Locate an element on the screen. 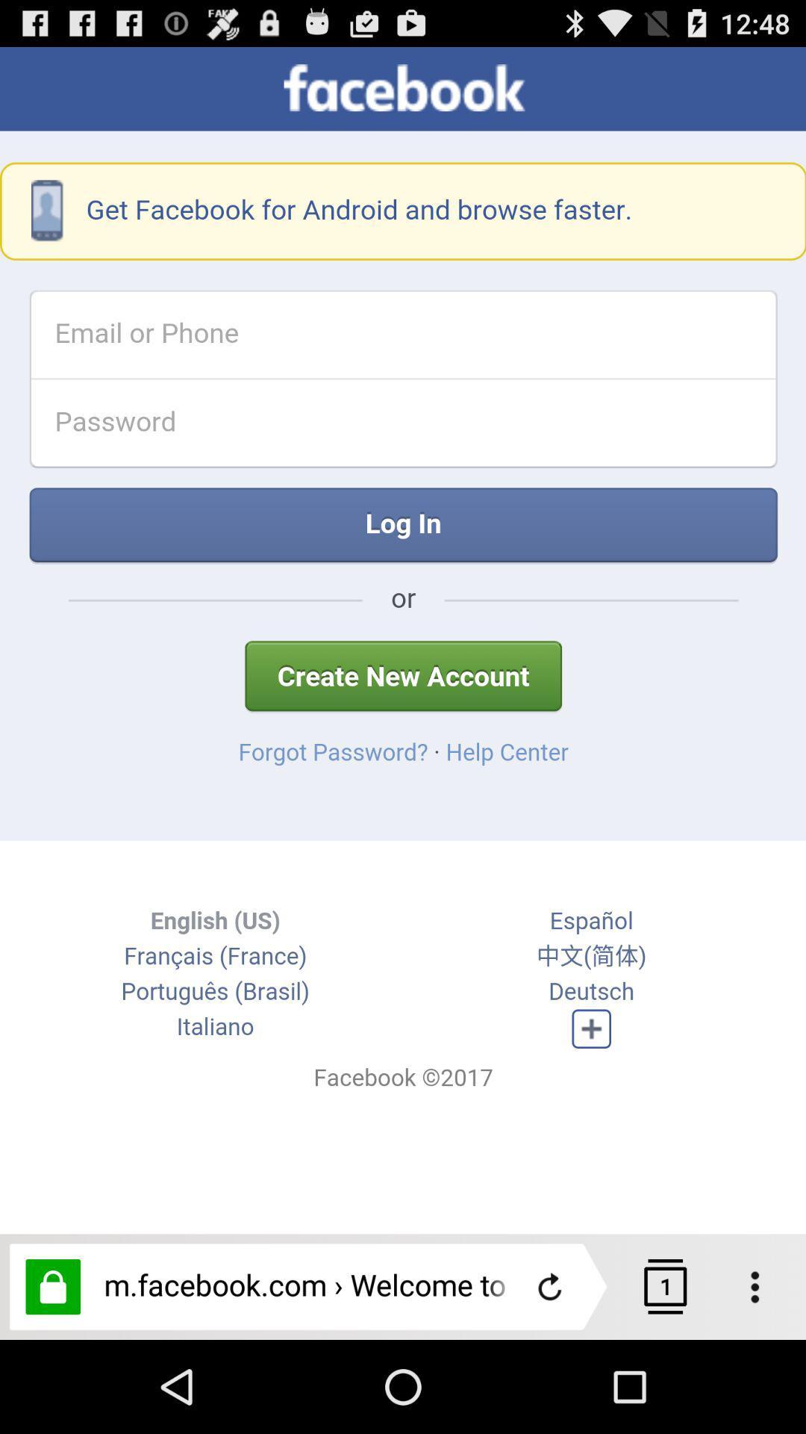 The width and height of the screenshot is (806, 1434). the lock icon is located at coordinates (52, 1376).